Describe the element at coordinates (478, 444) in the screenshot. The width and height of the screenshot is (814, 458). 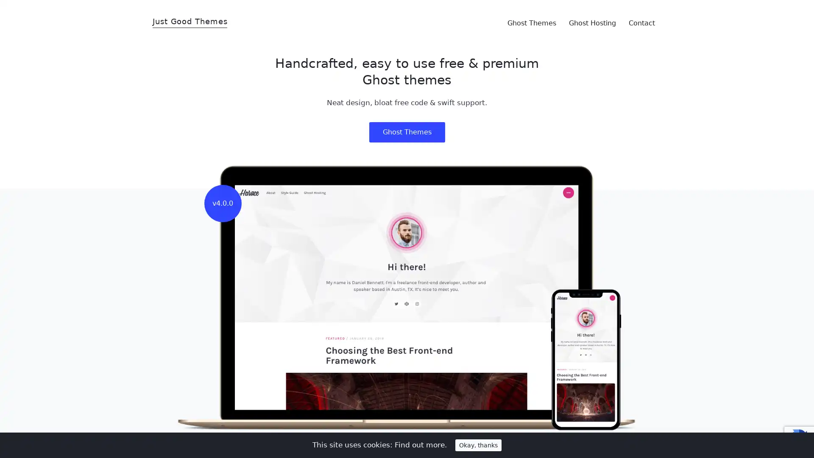
I see `Okay, thanks` at that location.